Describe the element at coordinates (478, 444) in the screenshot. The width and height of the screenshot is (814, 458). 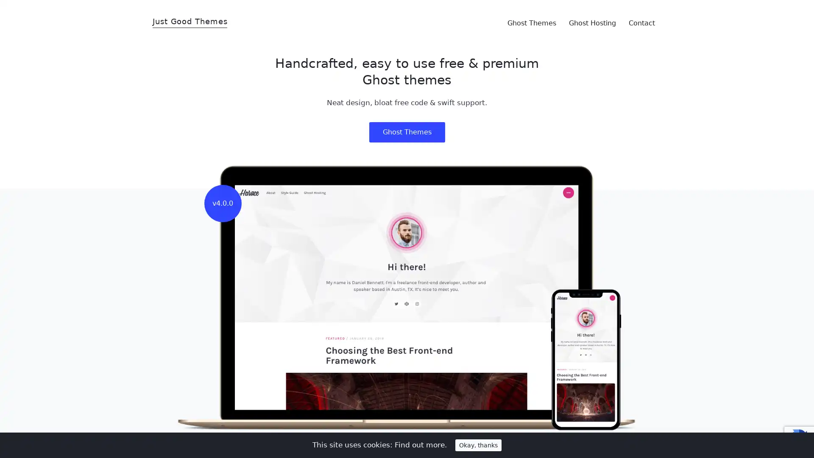
I see `Okay, thanks` at that location.